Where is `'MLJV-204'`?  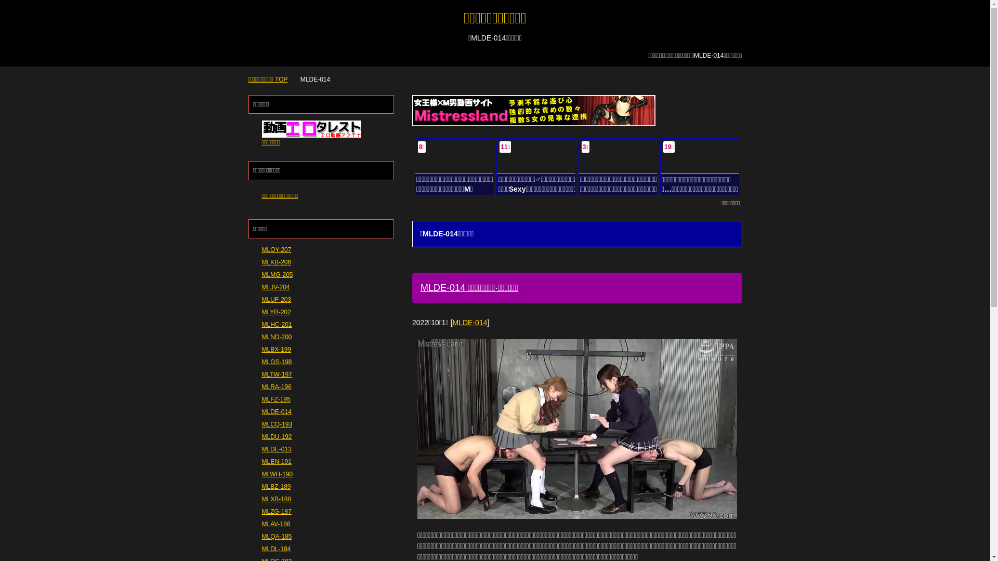 'MLJV-204' is located at coordinates (262, 287).